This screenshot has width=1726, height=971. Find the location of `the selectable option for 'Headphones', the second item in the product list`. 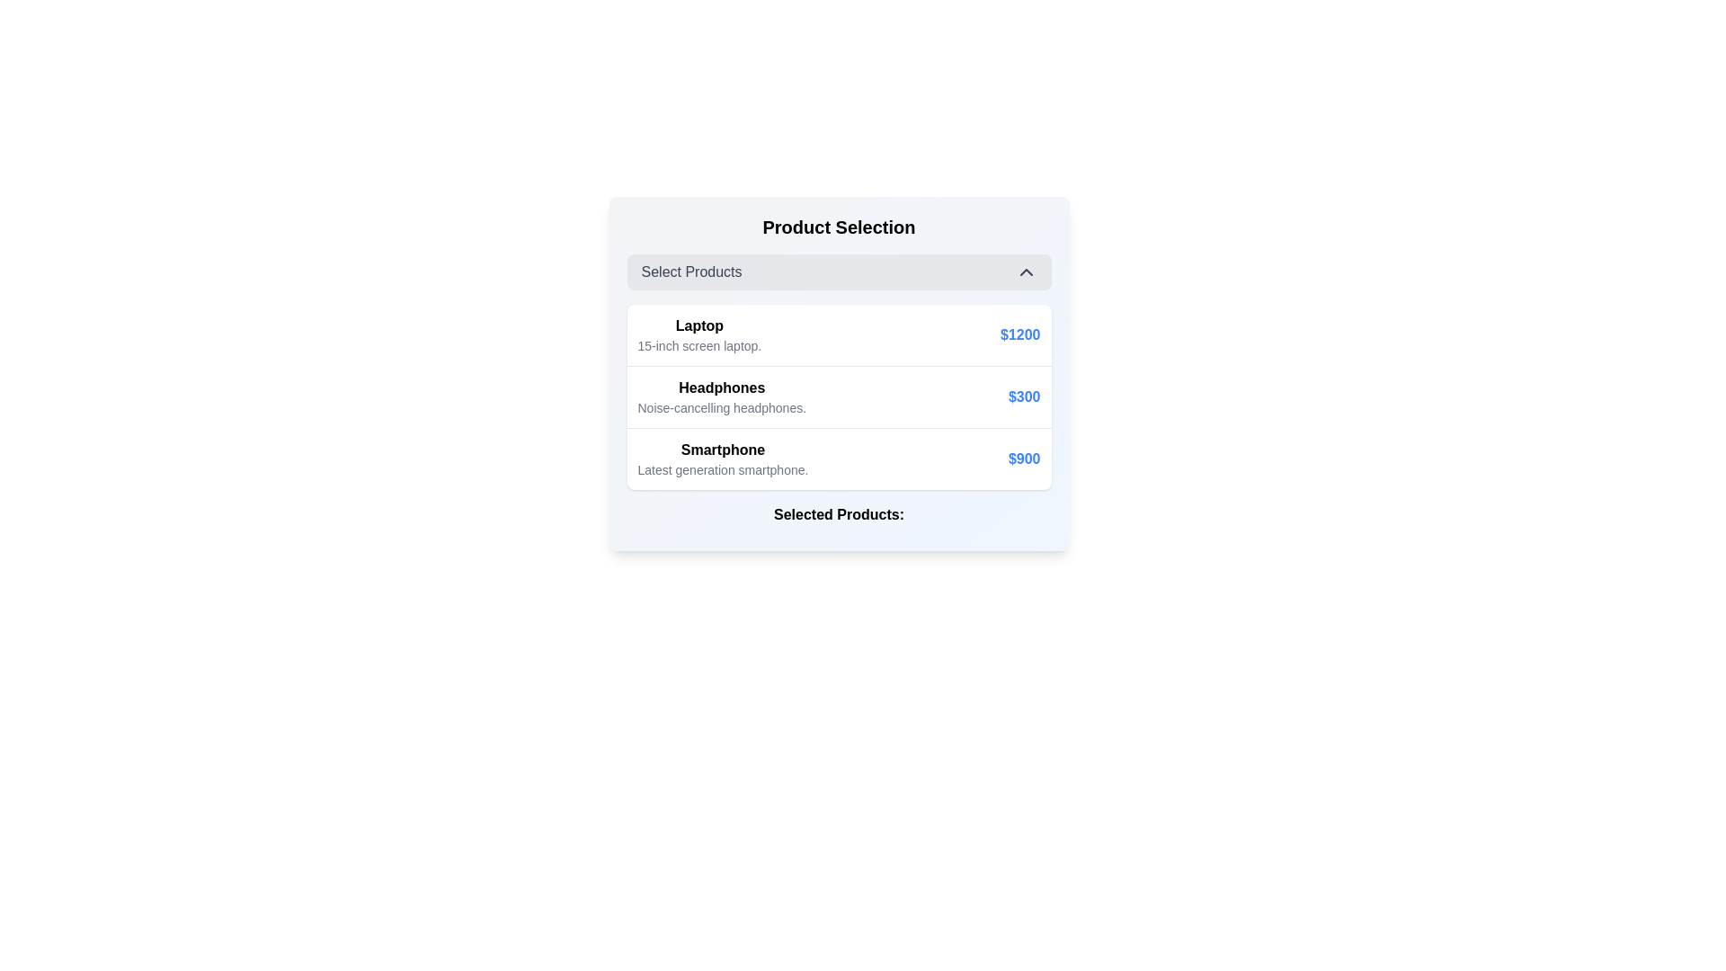

the selectable option for 'Headphones', the second item in the product list is located at coordinates (722, 396).